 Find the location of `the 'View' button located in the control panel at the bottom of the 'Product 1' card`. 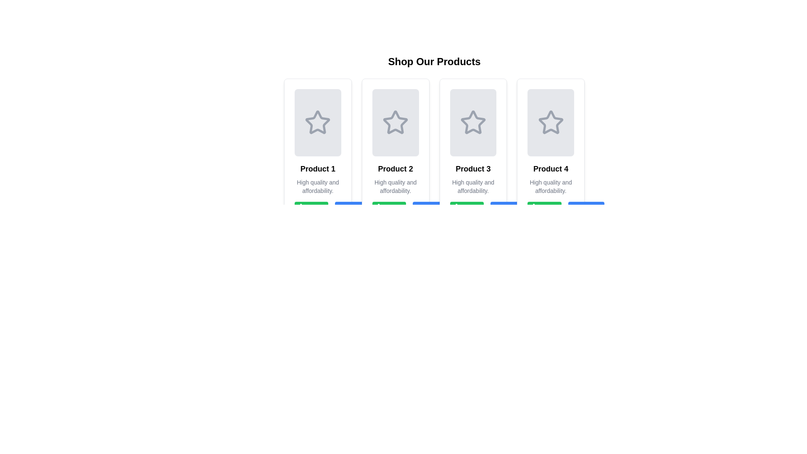

the 'View' button located in the control panel at the bottom of the 'Product 1' card is located at coordinates (317, 208).